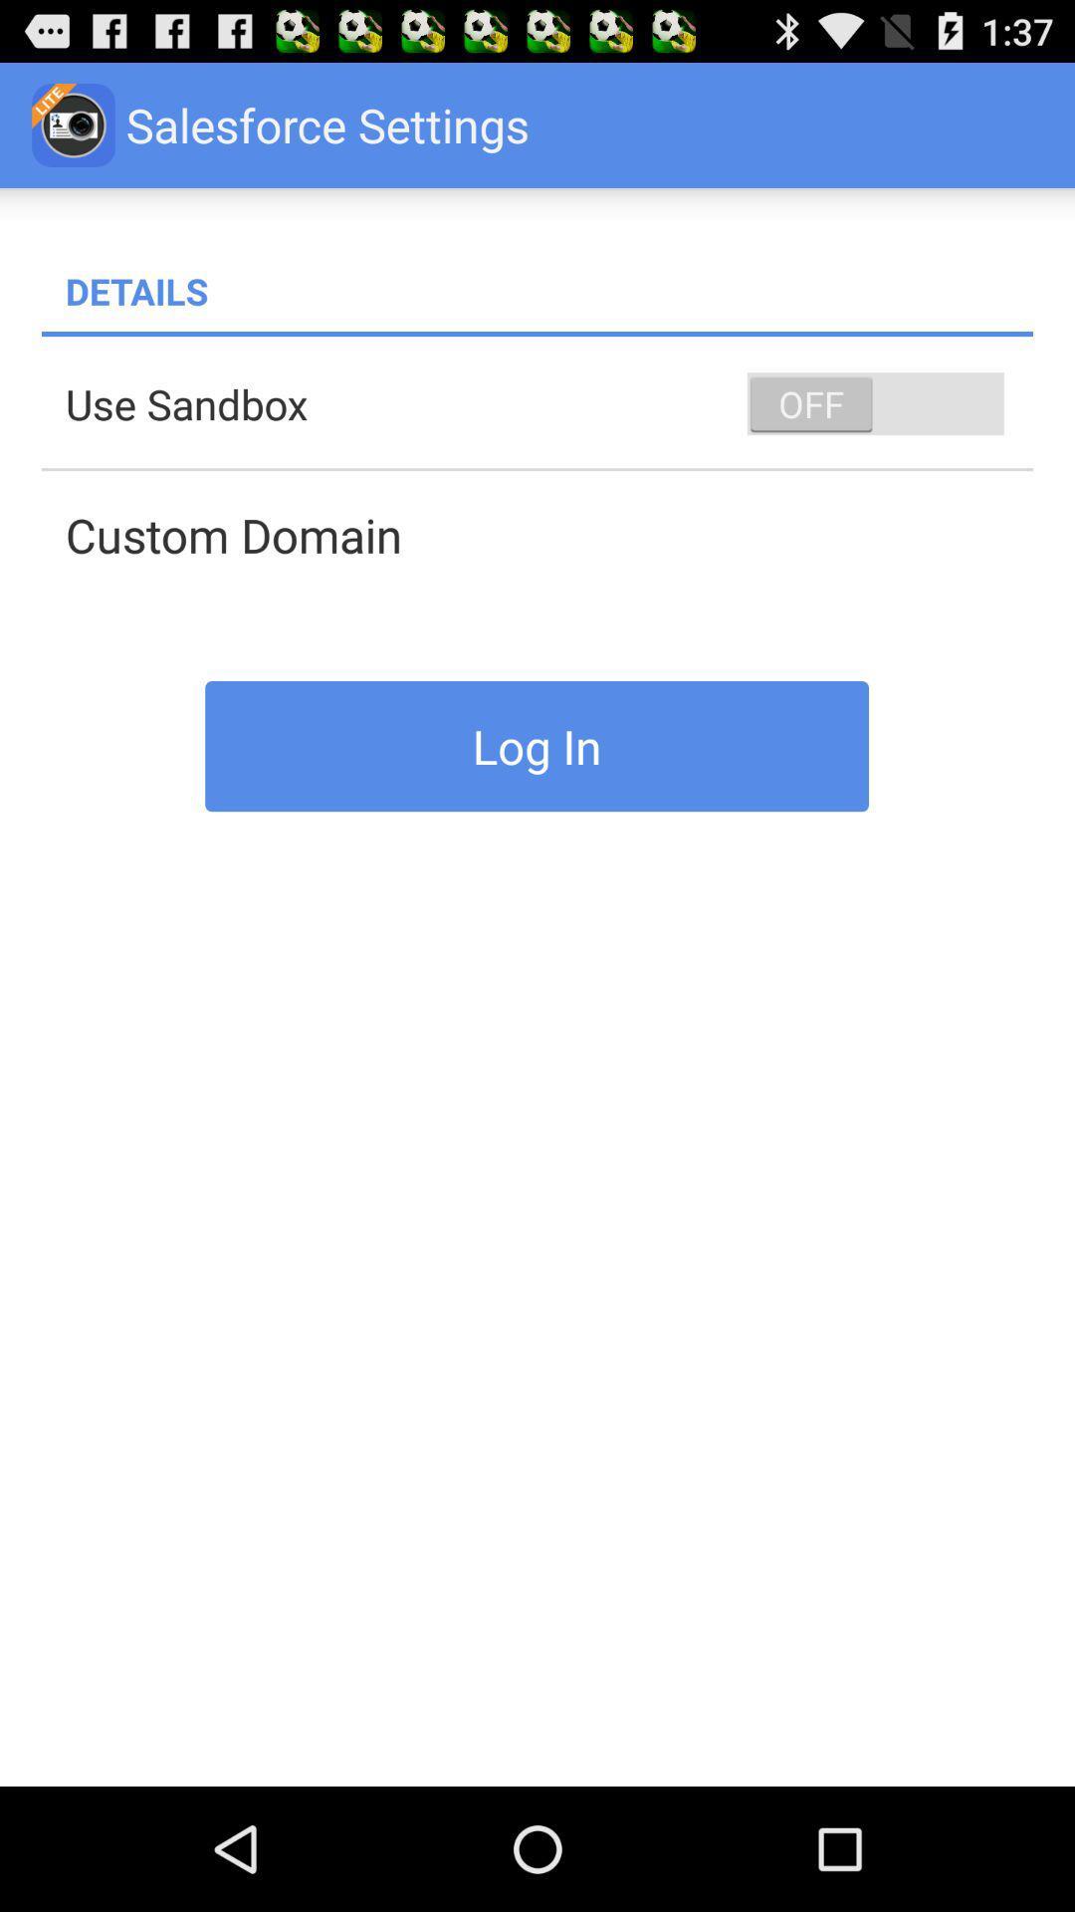 Image resolution: width=1075 pixels, height=1912 pixels. What do you see at coordinates (548, 535) in the screenshot?
I see `custom domain` at bounding box center [548, 535].